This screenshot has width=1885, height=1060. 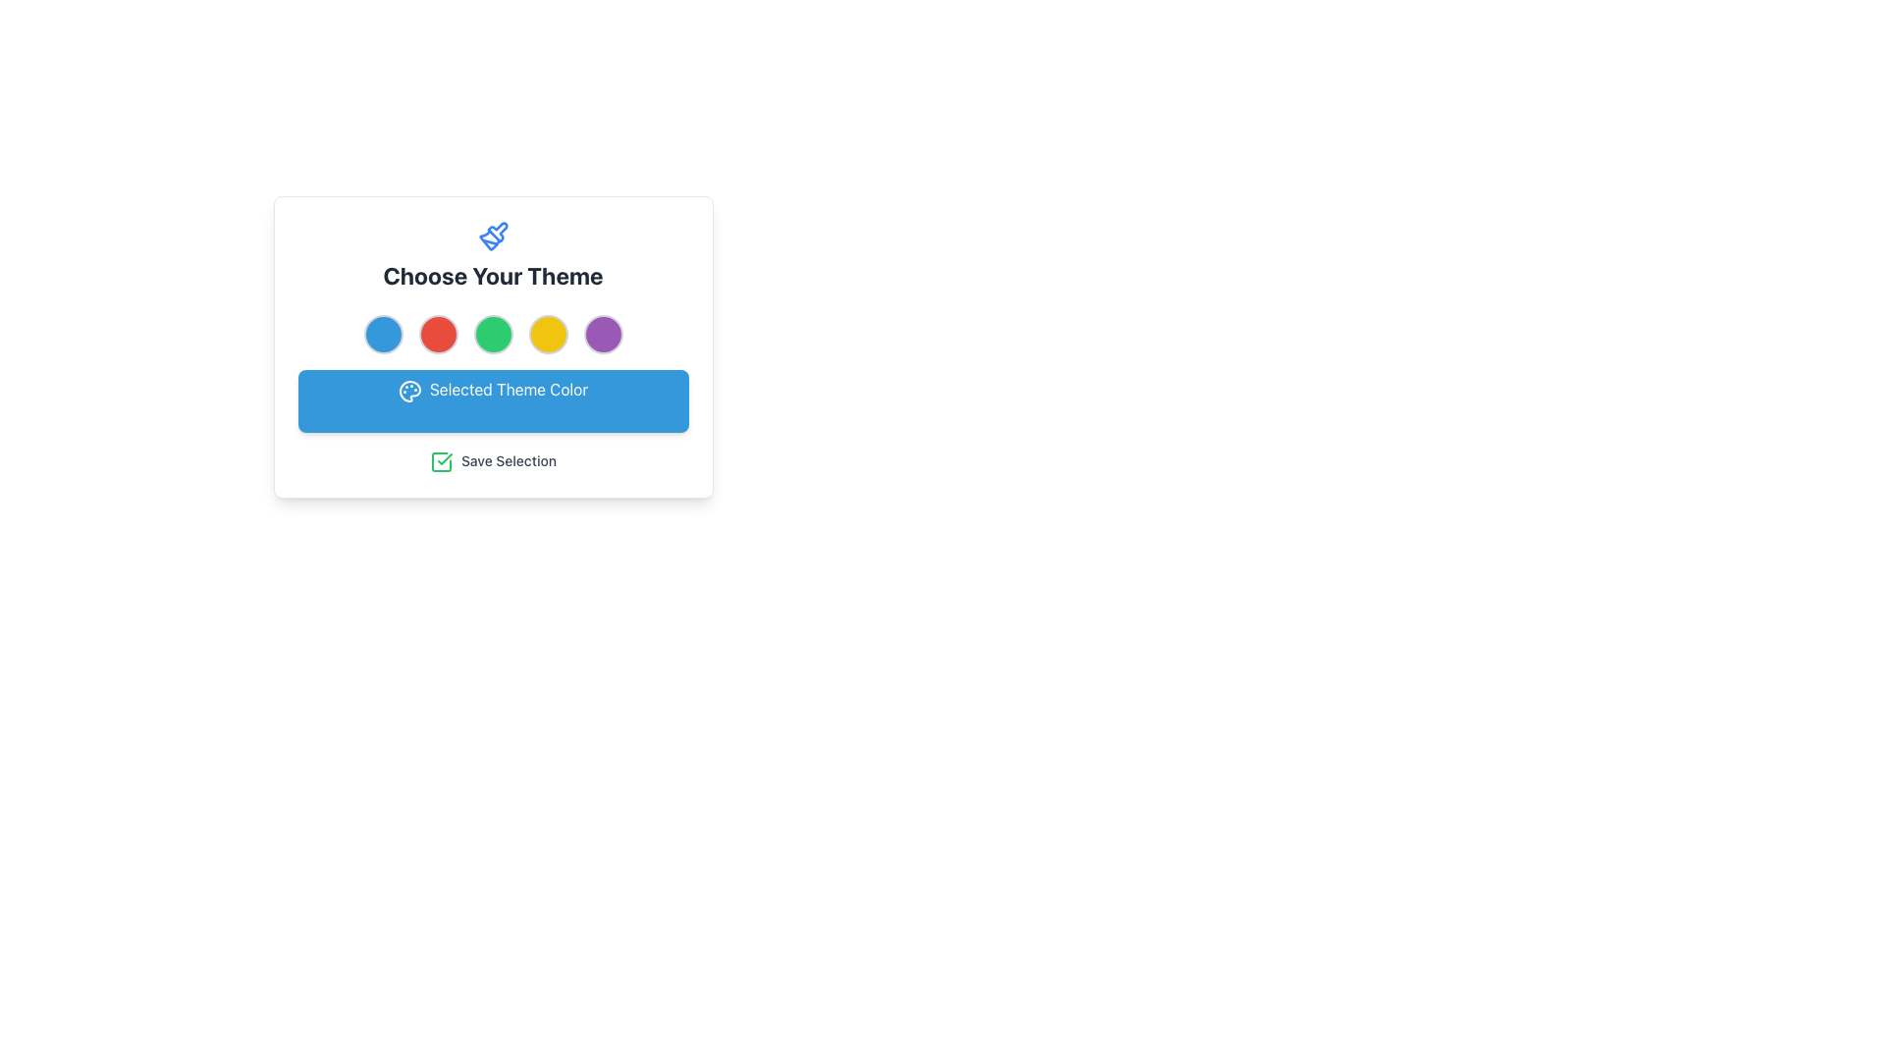 What do you see at coordinates (493, 333) in the screenshot?
I see `the third circular selection button with a green background` at bounding box center [493, 333].